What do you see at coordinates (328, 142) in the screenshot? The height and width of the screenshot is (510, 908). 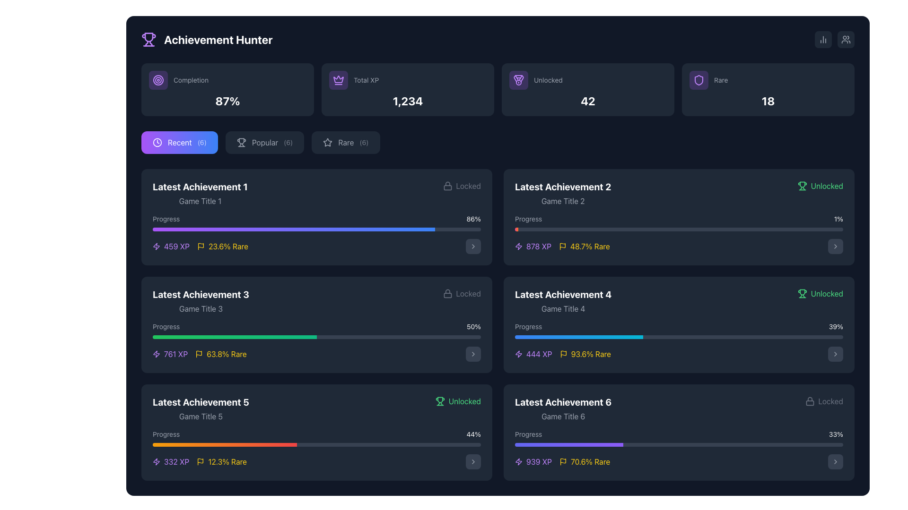 I see `the star icon within the 'Rare (6)' button that emphasizes rarity` at bounding box center [328, 142].